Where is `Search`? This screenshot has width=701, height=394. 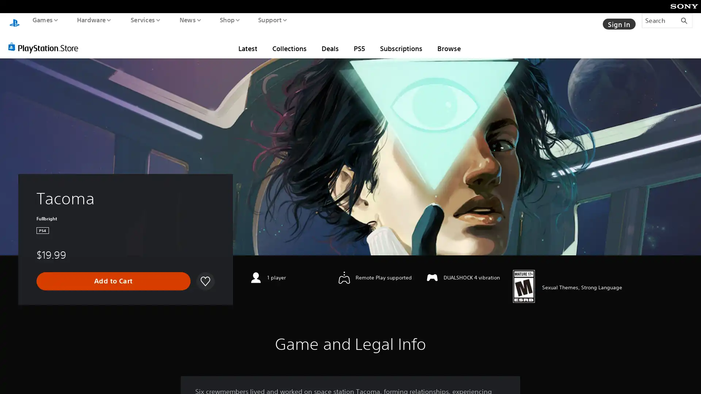
Search is located at coordinates (667, 20).